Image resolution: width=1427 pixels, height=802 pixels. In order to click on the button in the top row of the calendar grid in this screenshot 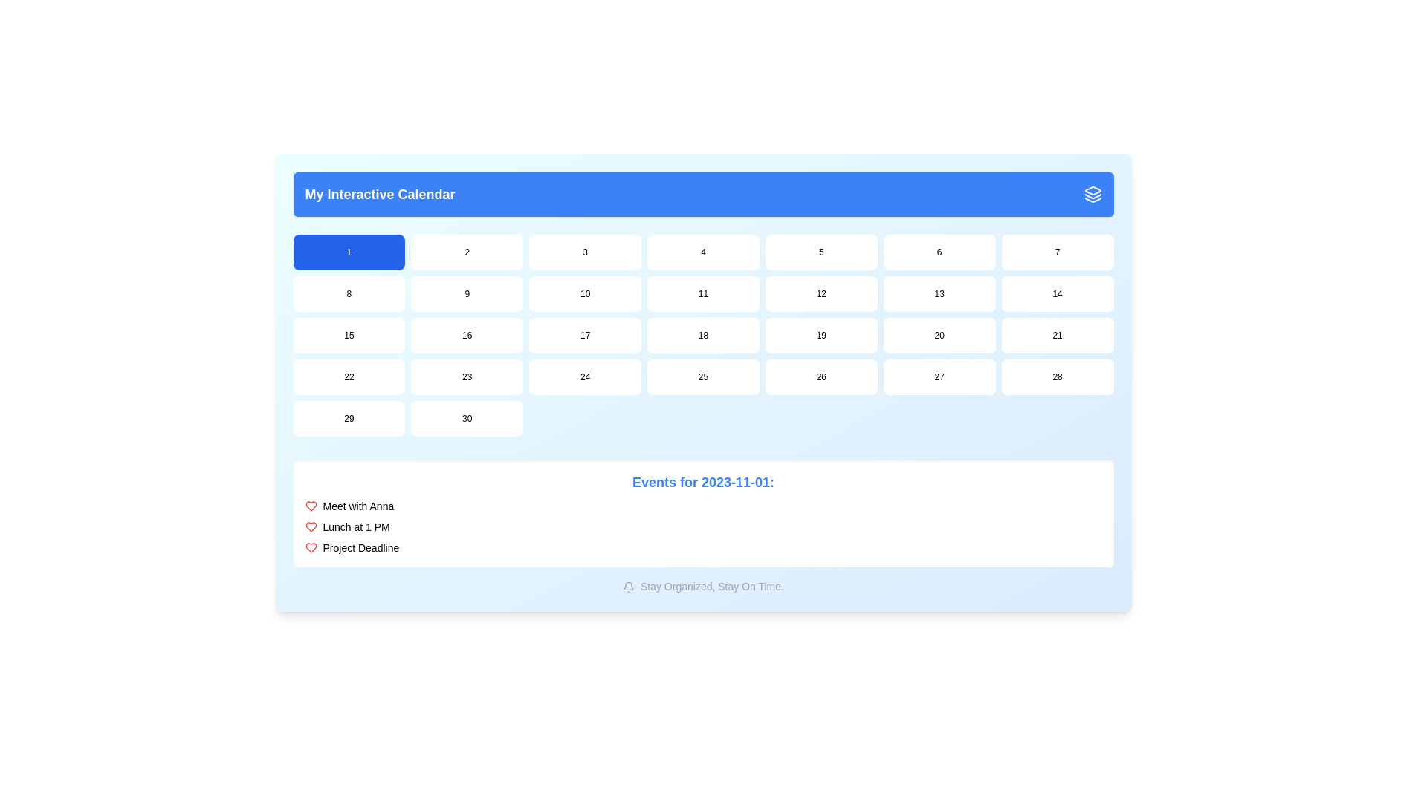, I will do `click(821, 251)`.